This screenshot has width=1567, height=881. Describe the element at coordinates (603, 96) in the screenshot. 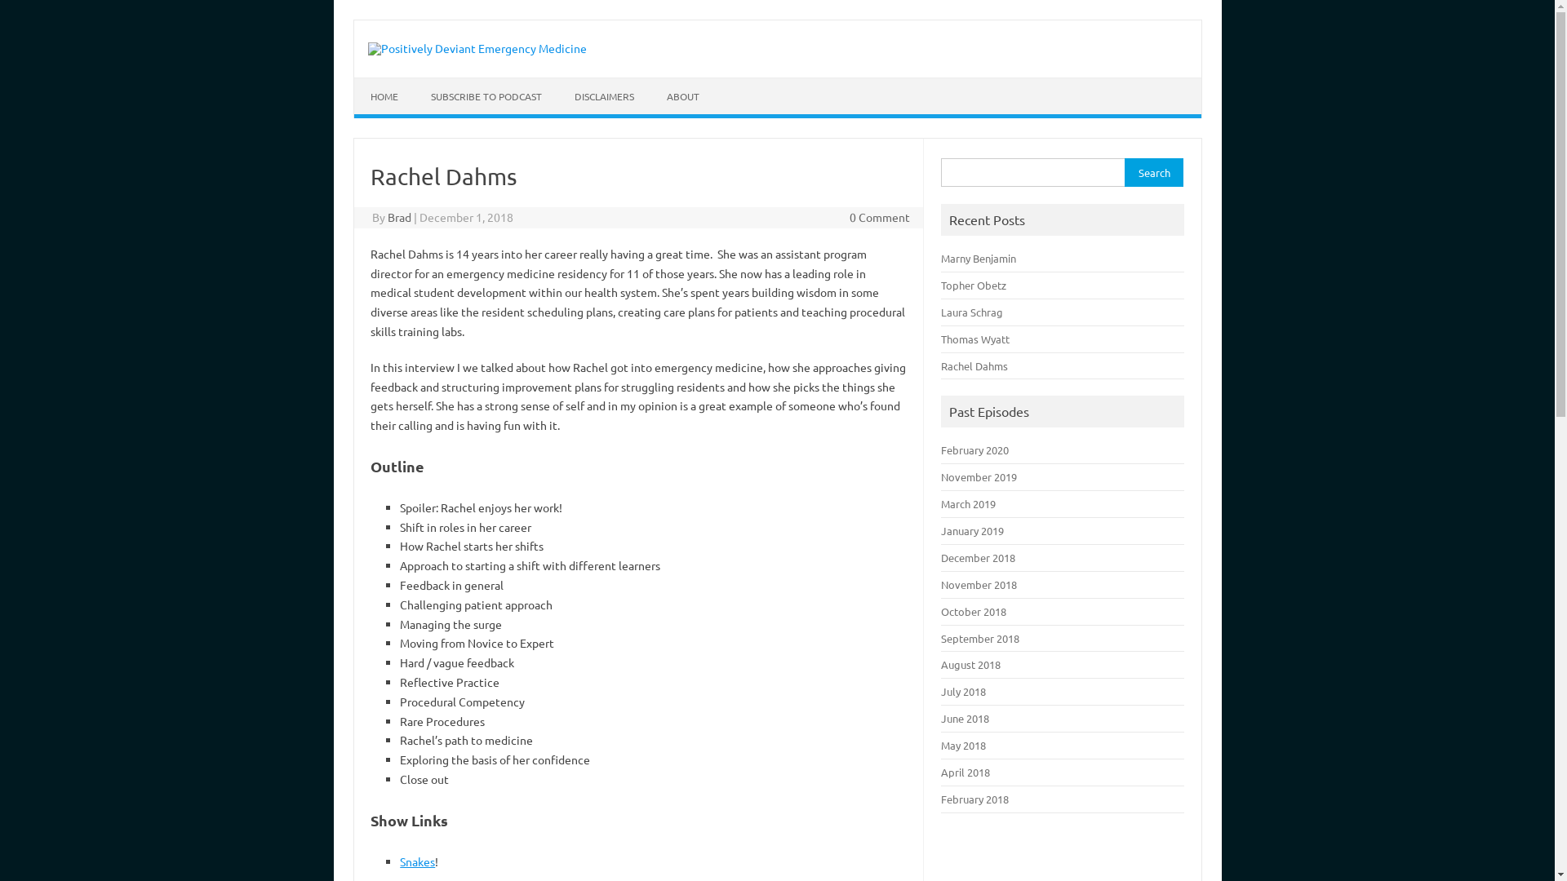

I see `'DISCLAIMERS'` at that location.